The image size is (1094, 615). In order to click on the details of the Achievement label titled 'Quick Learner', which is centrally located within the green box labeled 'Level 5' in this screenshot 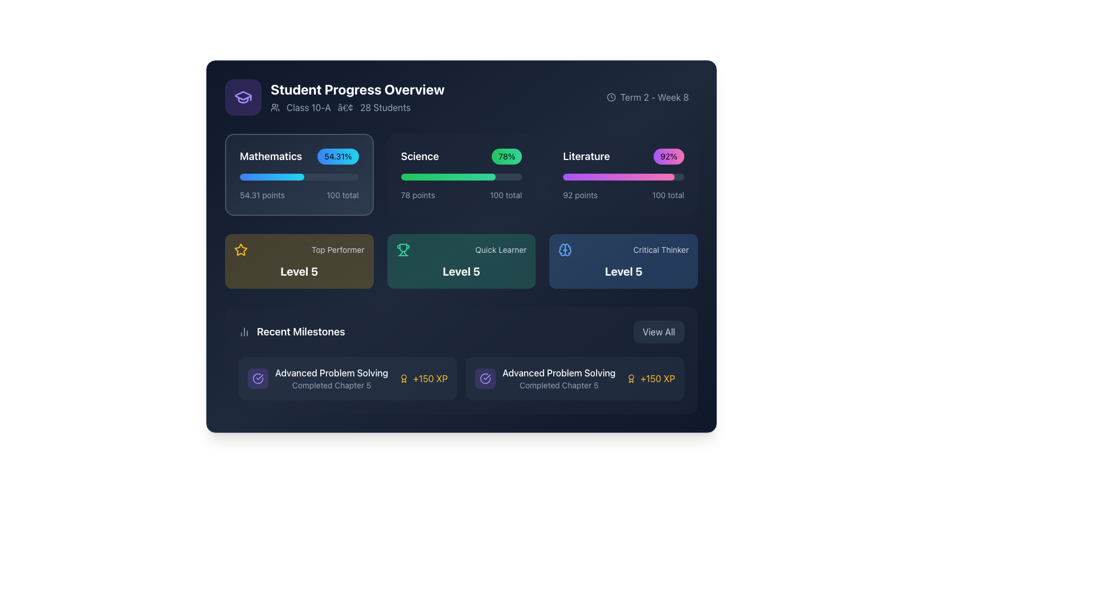, I will do `click(462, 249)`.